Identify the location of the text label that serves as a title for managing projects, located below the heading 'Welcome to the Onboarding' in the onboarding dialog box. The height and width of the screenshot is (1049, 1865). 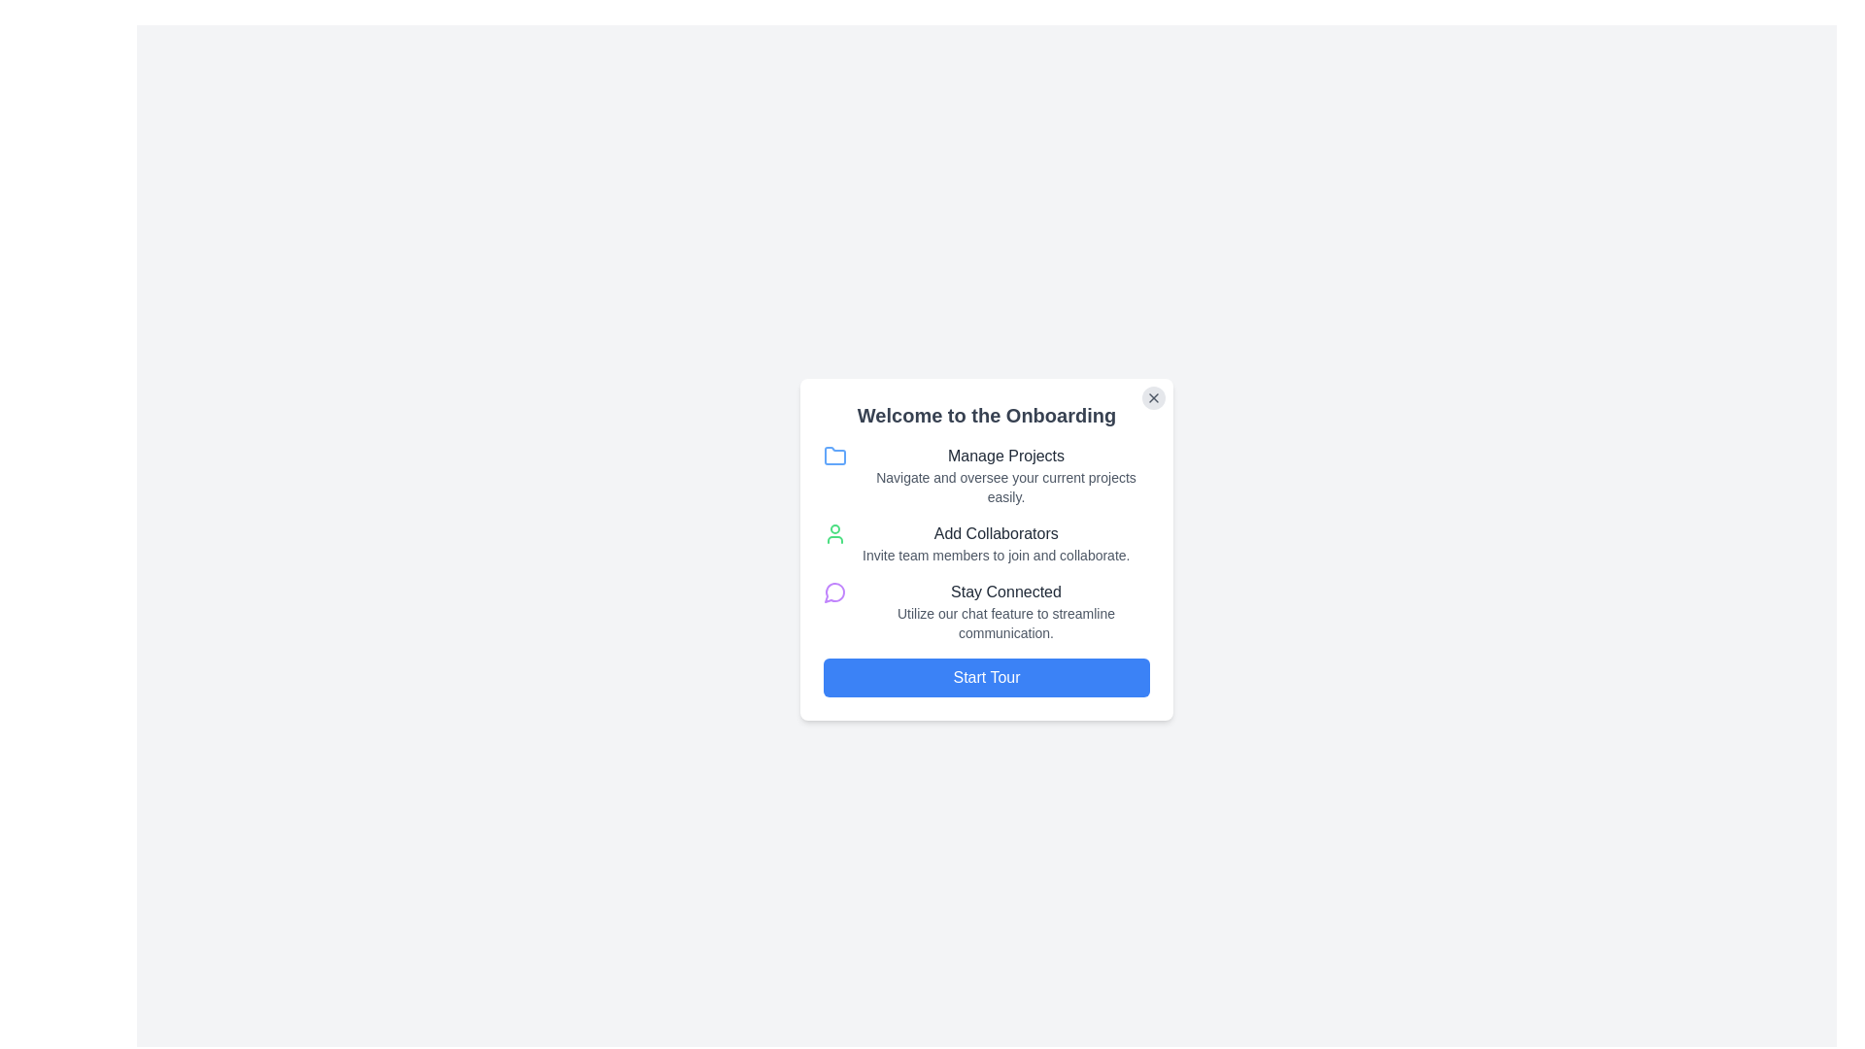
(1006, 457).